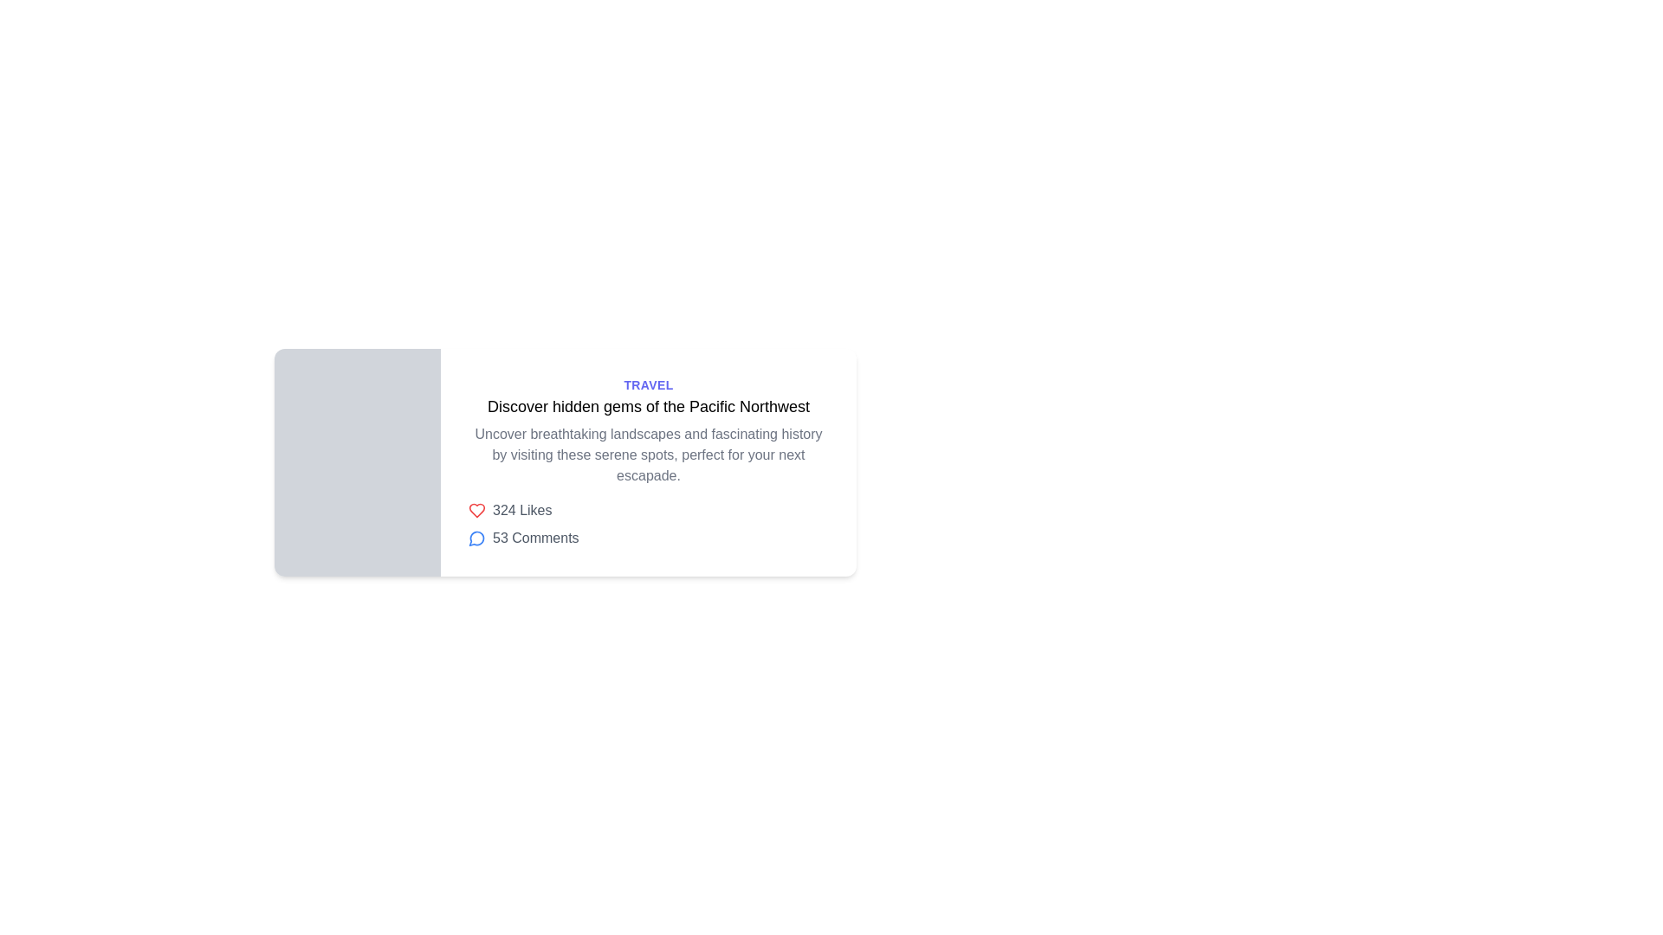 Image resolution: width=1663 pixels, height=935 pixels. What do you see at coordinates (534, 537) in the screenshot?
I see `the text label indicating the number of comments, which is situated to the right of the speech bubble icon displaying '53 Comments'` at bounding box center [534, 537].